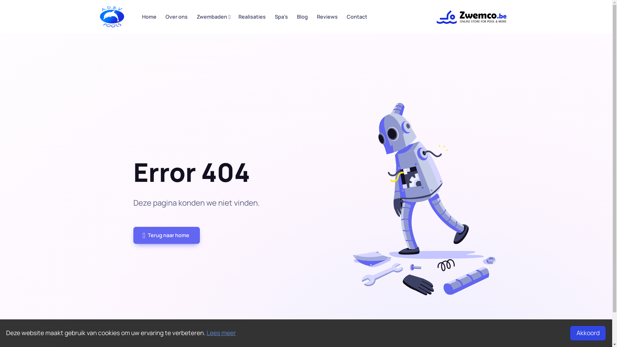 The width and height of the screenshot is (617, 347). I want to click on 'Reviews', so click(327, 16).